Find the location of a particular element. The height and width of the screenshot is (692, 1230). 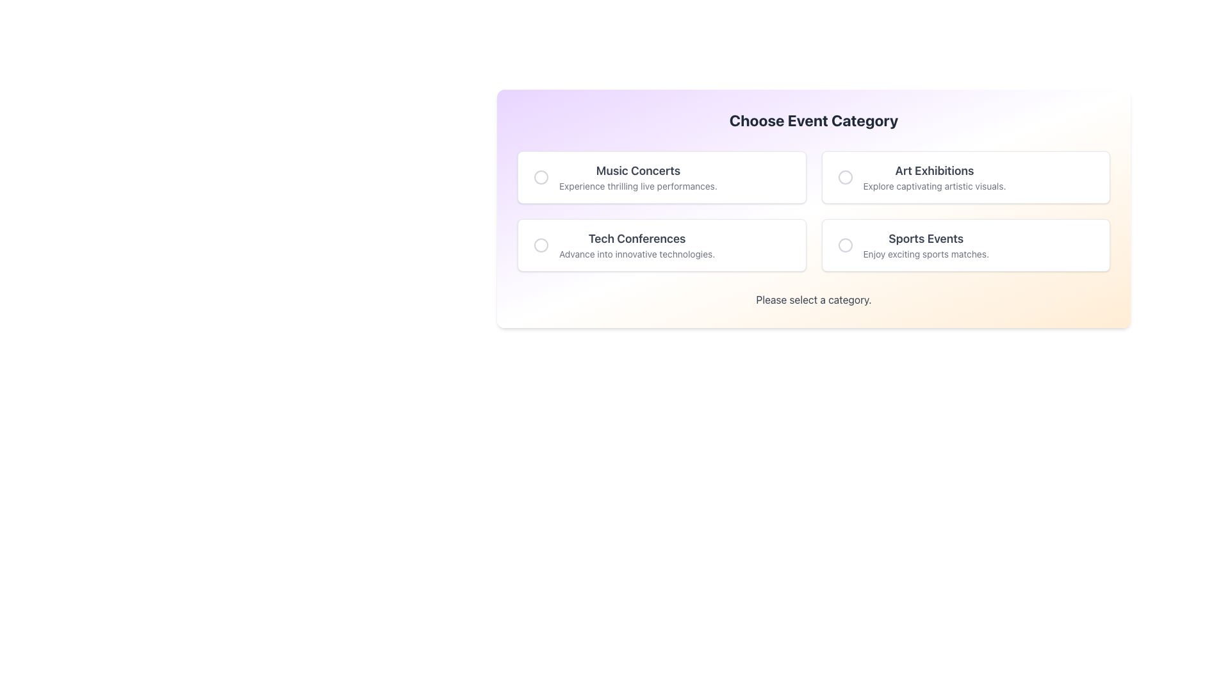

the text label displaying 'Tech Conferences' in a bold font, located in the lower-left quadrant of the card layout is located at coordinates (637, 239).